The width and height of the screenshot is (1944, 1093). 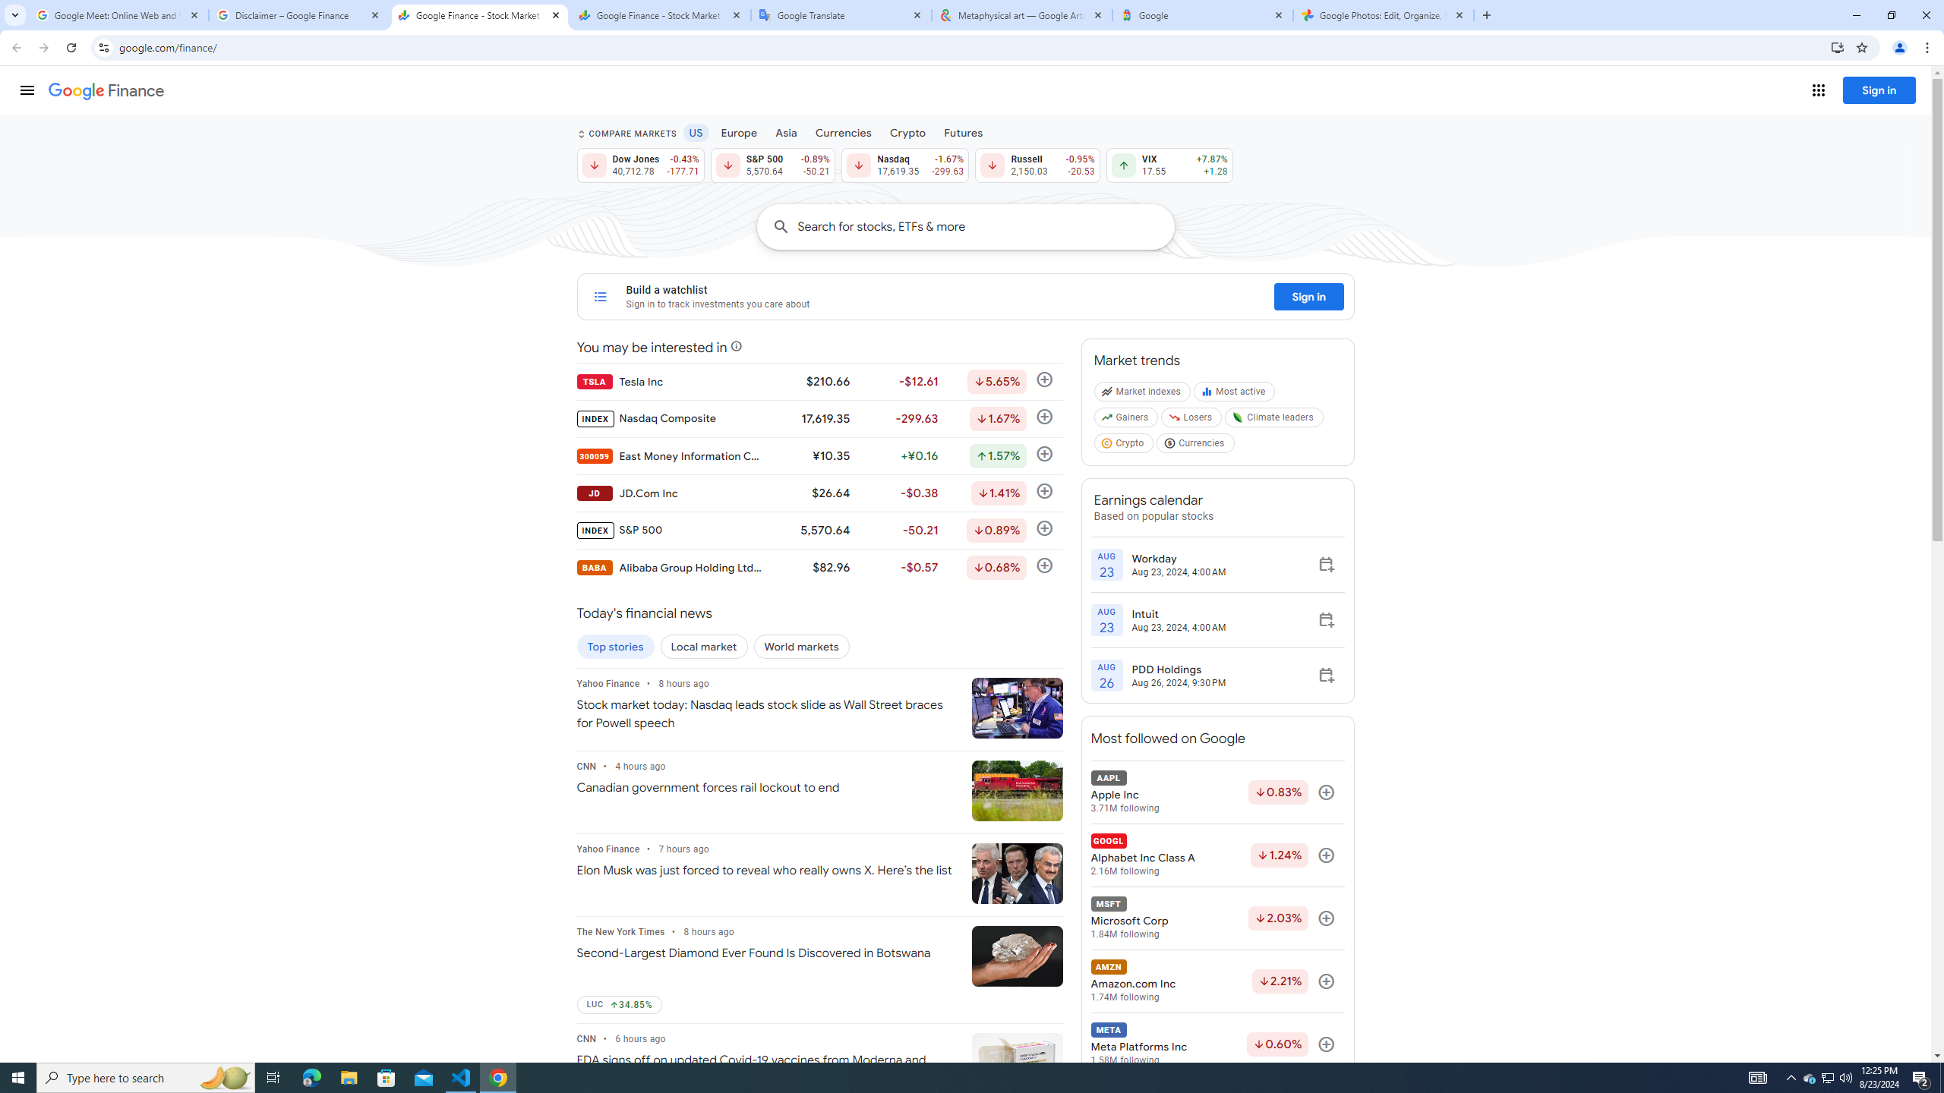 I want to click on 'LUC Up by 34.85%', so click(x=619, y=1005).